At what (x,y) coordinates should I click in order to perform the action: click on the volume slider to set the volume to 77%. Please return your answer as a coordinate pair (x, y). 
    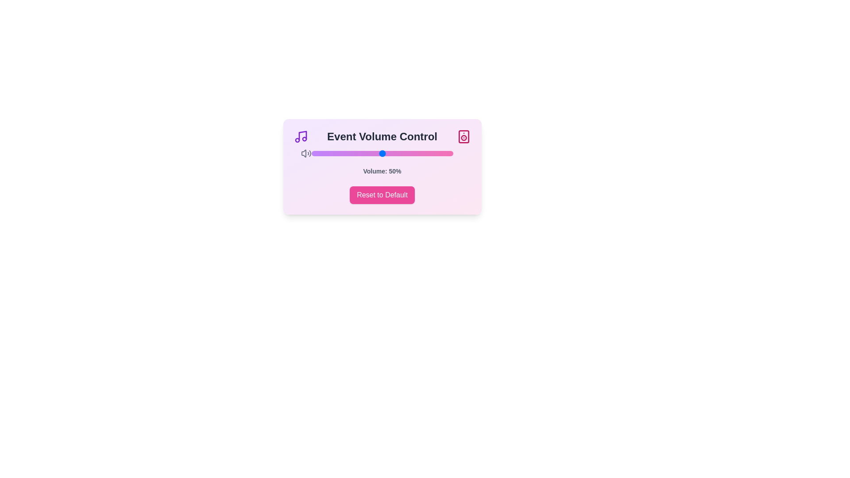
    Looking at the image, I should click on (420, 153).